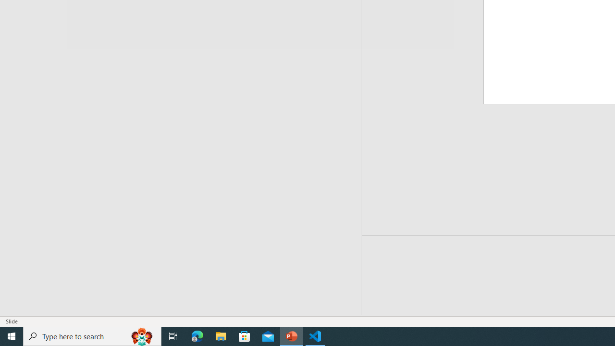  I want to click on 'Start', so click(12, 335).